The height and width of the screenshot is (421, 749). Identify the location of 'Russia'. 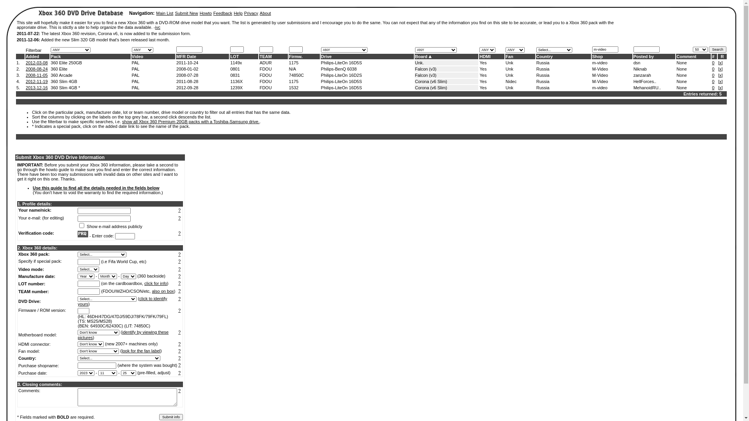
(543, 69).